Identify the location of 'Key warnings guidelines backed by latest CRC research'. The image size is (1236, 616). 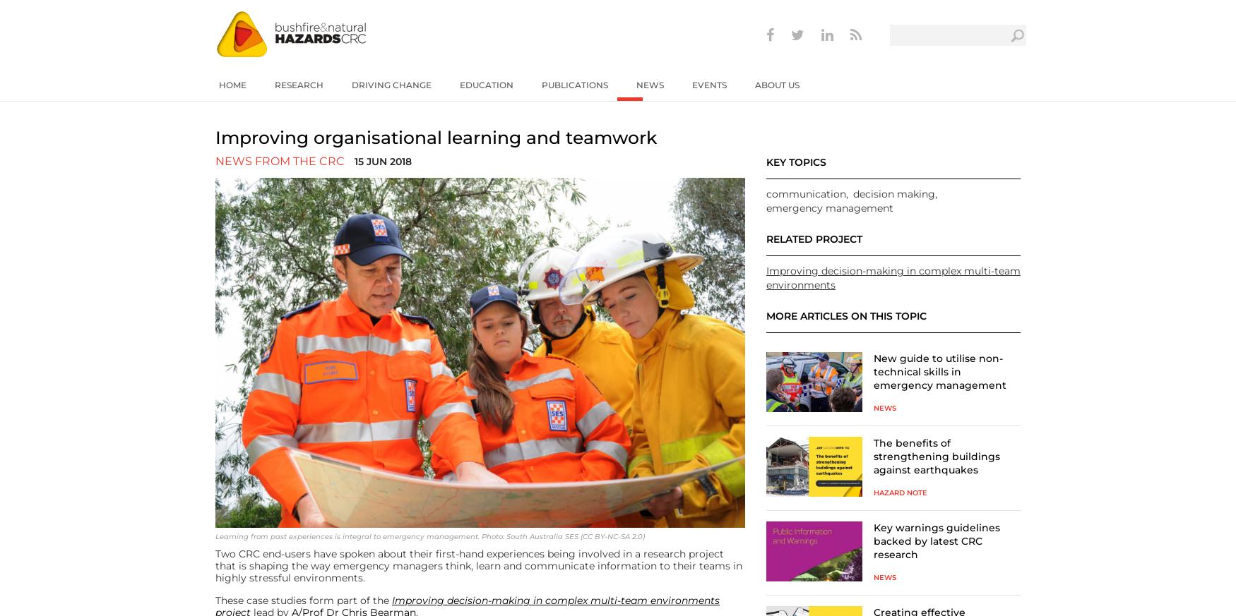
(874, 539).